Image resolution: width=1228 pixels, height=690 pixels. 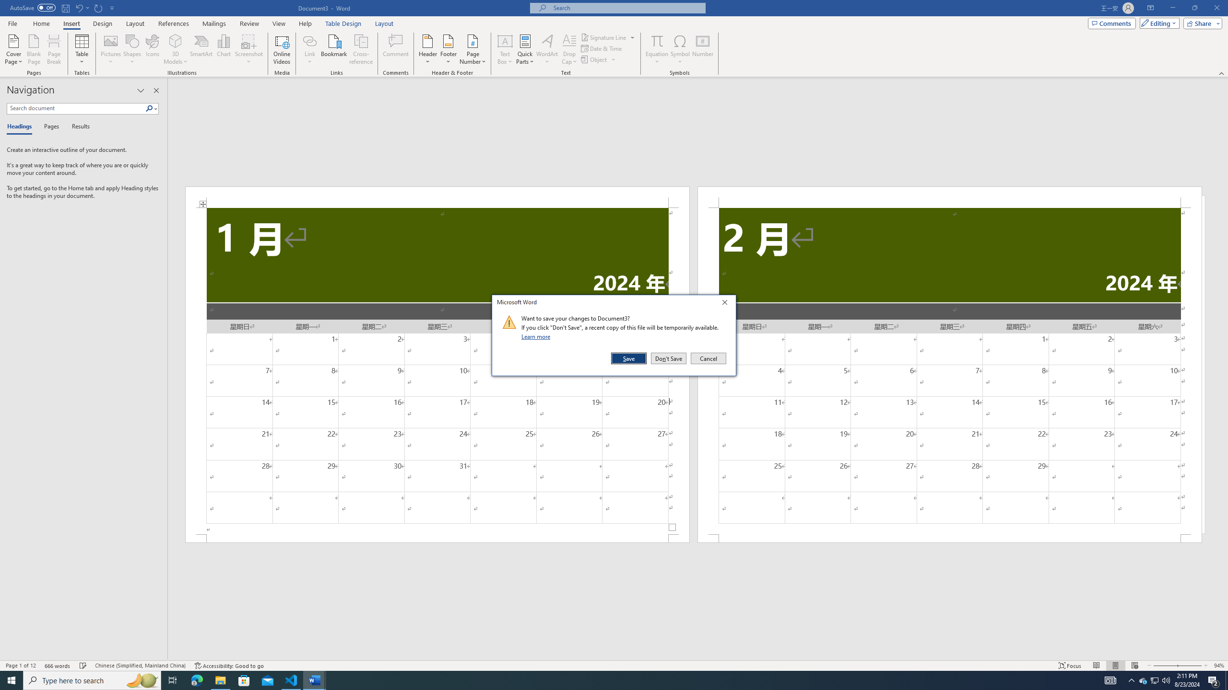 What do you see at coordinates (657, 57) in the screenshot?
I see `'More Options'` at bounding box center [657, 57].